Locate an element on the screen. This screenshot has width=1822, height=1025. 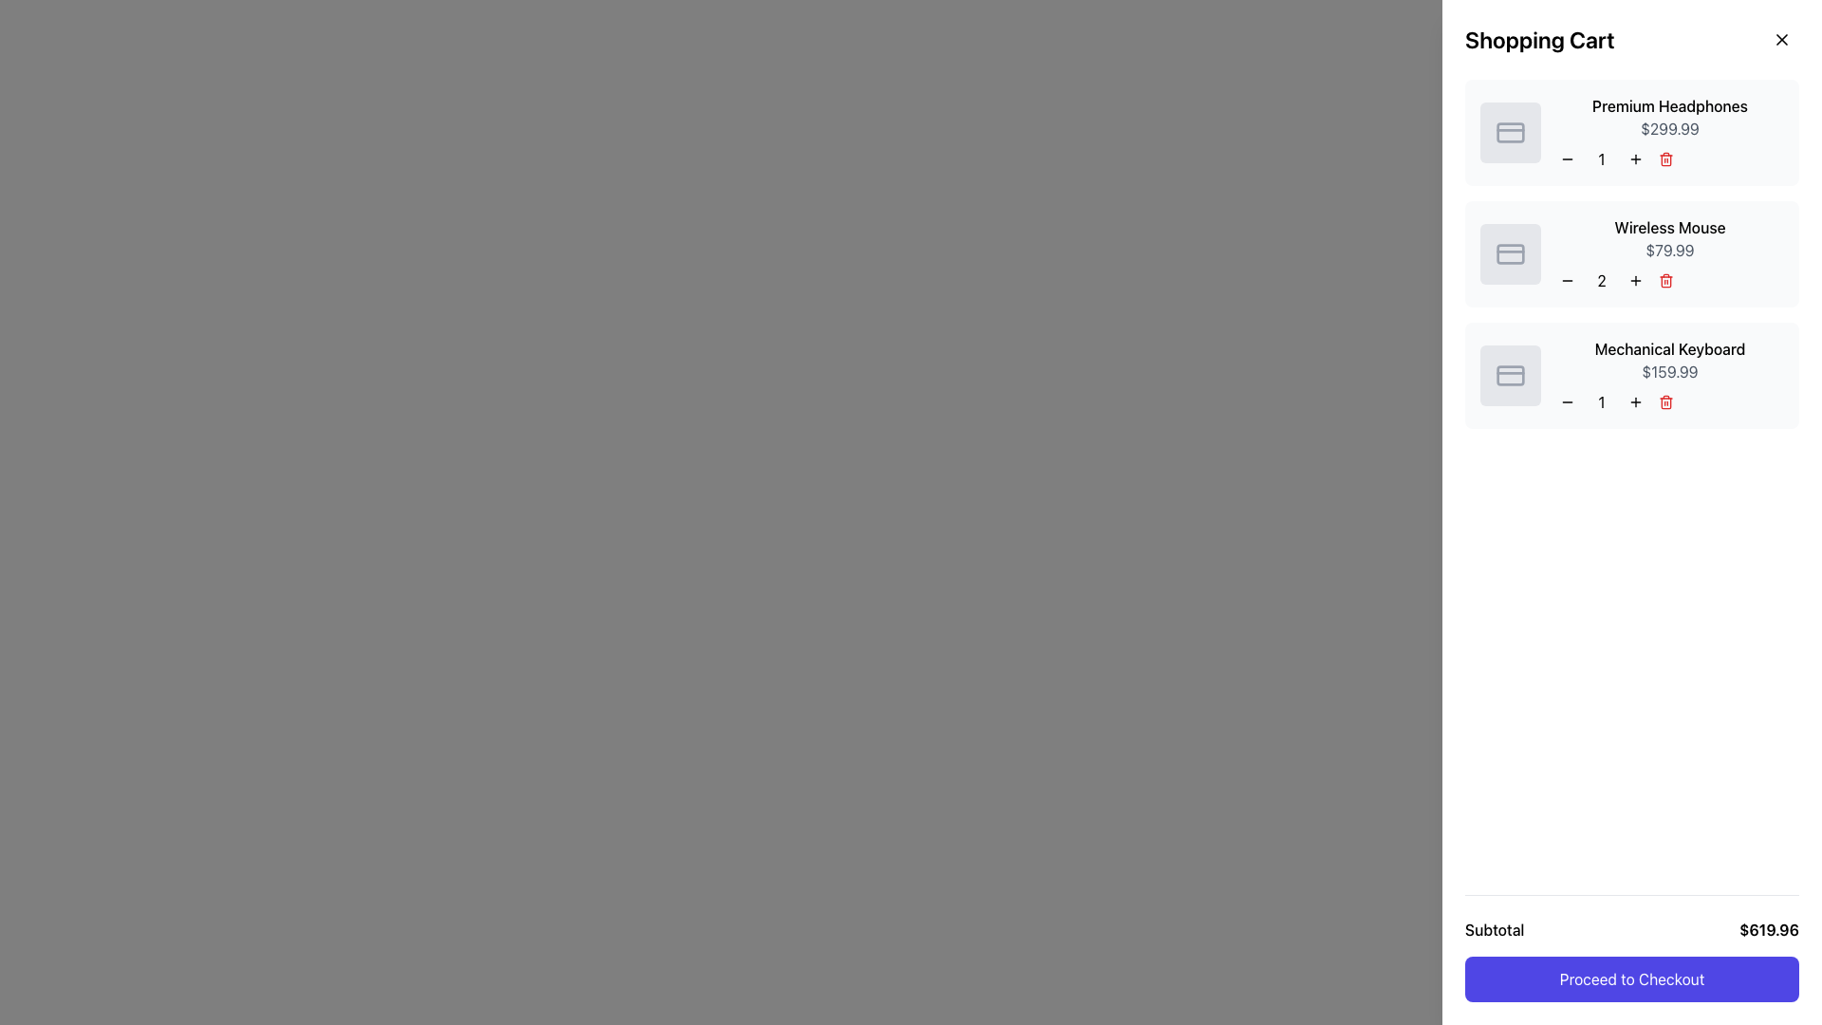
the deletion icon located to the right of the quantity controls for the 'Mechanical Keyboard' in the shopping cart is located at coordinates (1665, 401).